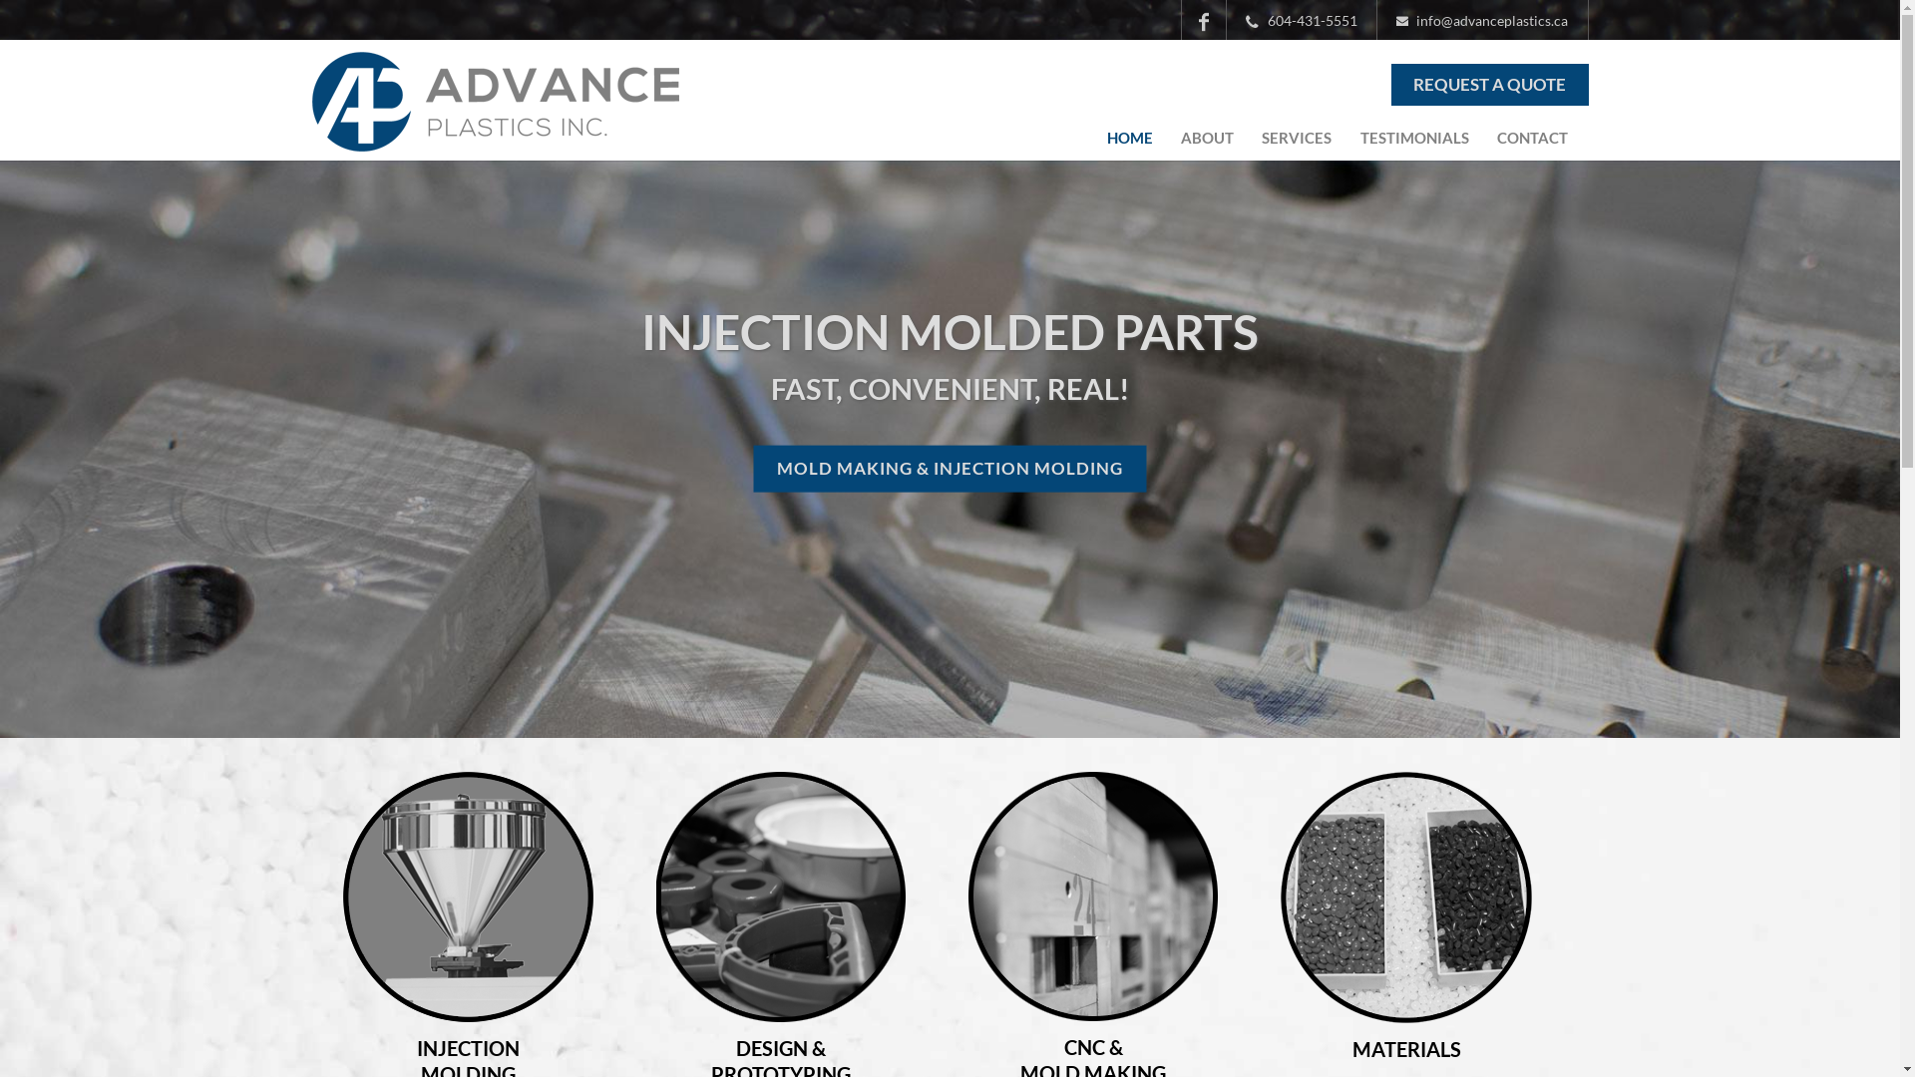  I want to click on 'Advance Plastics @ Facebook', so click(1202, 19).